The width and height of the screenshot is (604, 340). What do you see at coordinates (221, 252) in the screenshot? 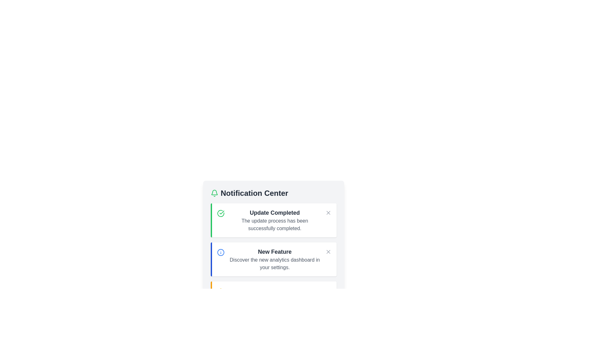
I see `the graphic element representing a notification message in the 'New Feature' icon, located at the center of a circular icon in the second row of the notification list` at bounding box center [221, 252].